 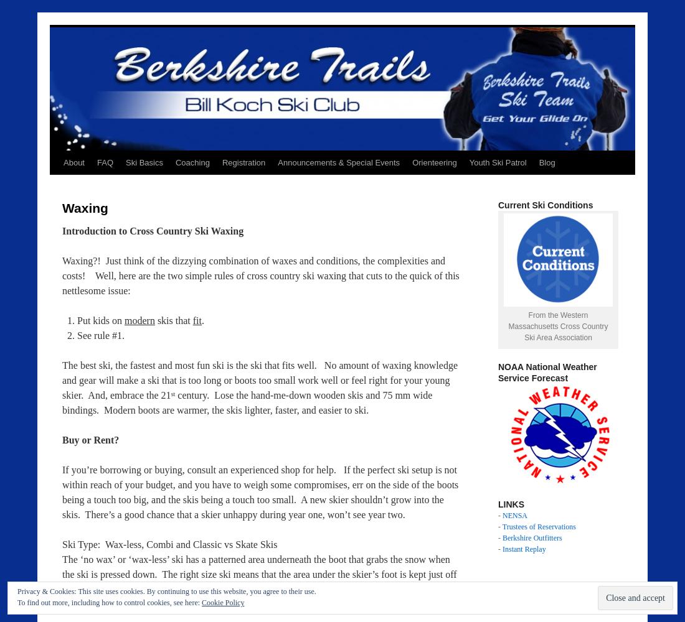 What do you see at coordinates (498, 504) in the screenshot?
I see `'LINKS'` at bounding box center [498, 504].